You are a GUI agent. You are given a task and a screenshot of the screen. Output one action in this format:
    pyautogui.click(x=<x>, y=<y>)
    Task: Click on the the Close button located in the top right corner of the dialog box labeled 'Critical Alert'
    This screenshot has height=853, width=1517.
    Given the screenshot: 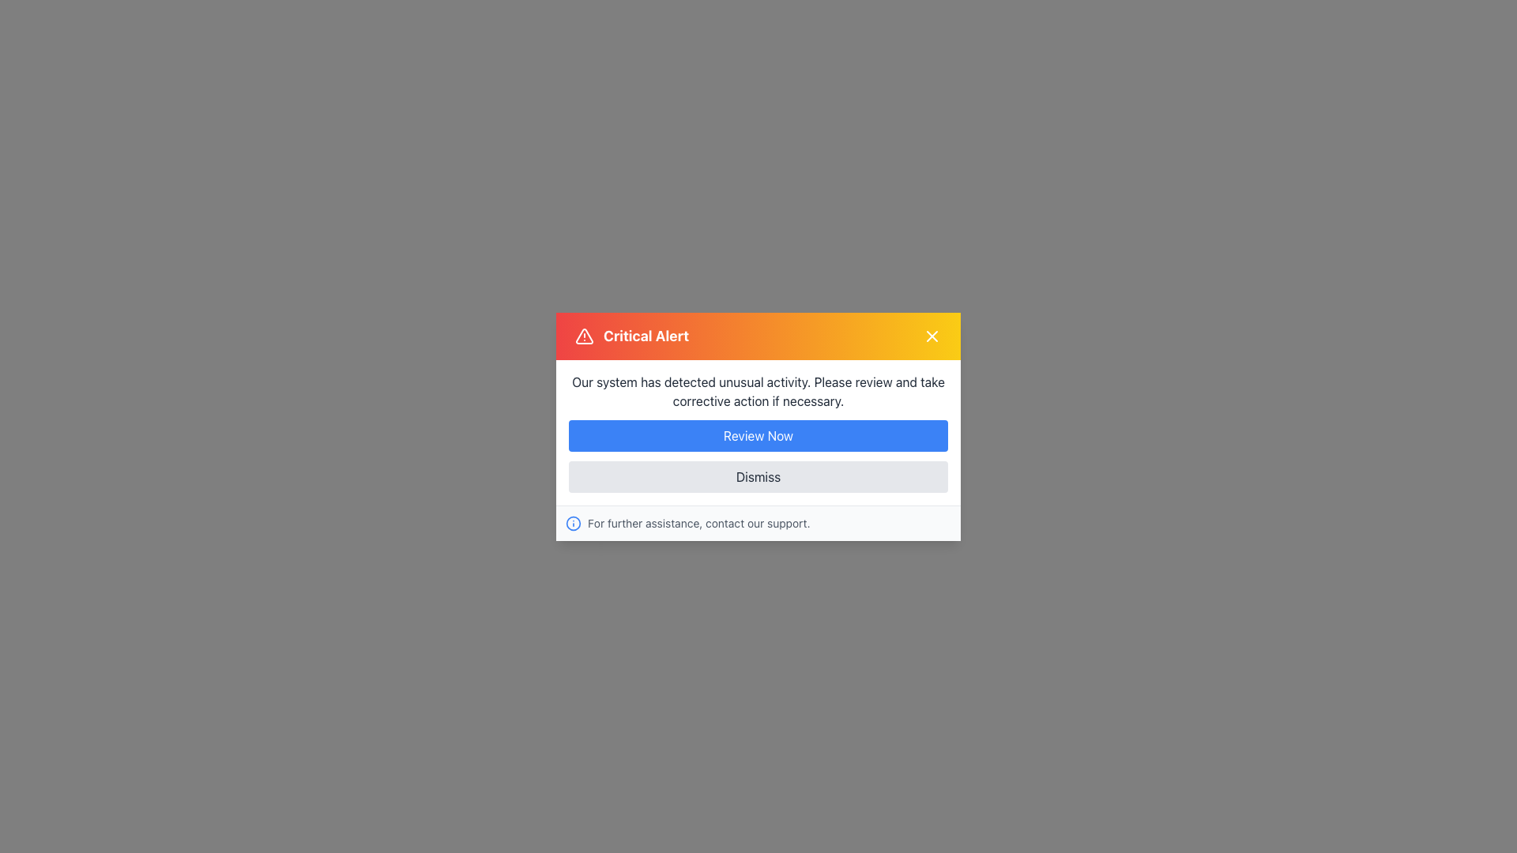 What is the action you would take?
    pyautogui.click(x=932, y=335)
    